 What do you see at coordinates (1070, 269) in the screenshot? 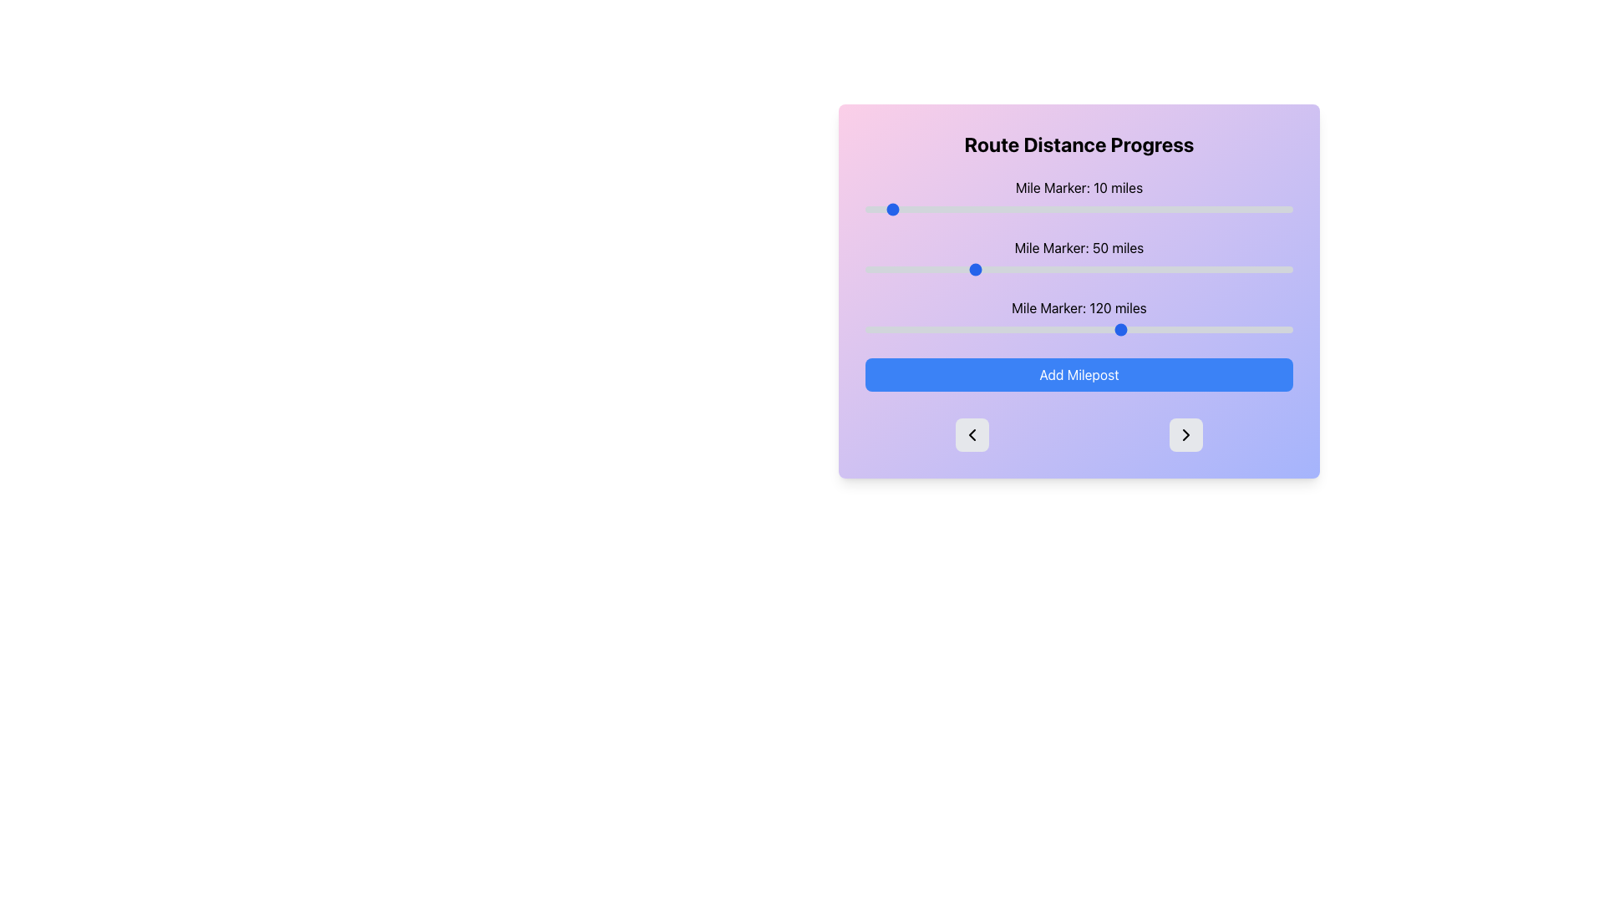
I see `the mile marker` at bounding box center [1070, 269].